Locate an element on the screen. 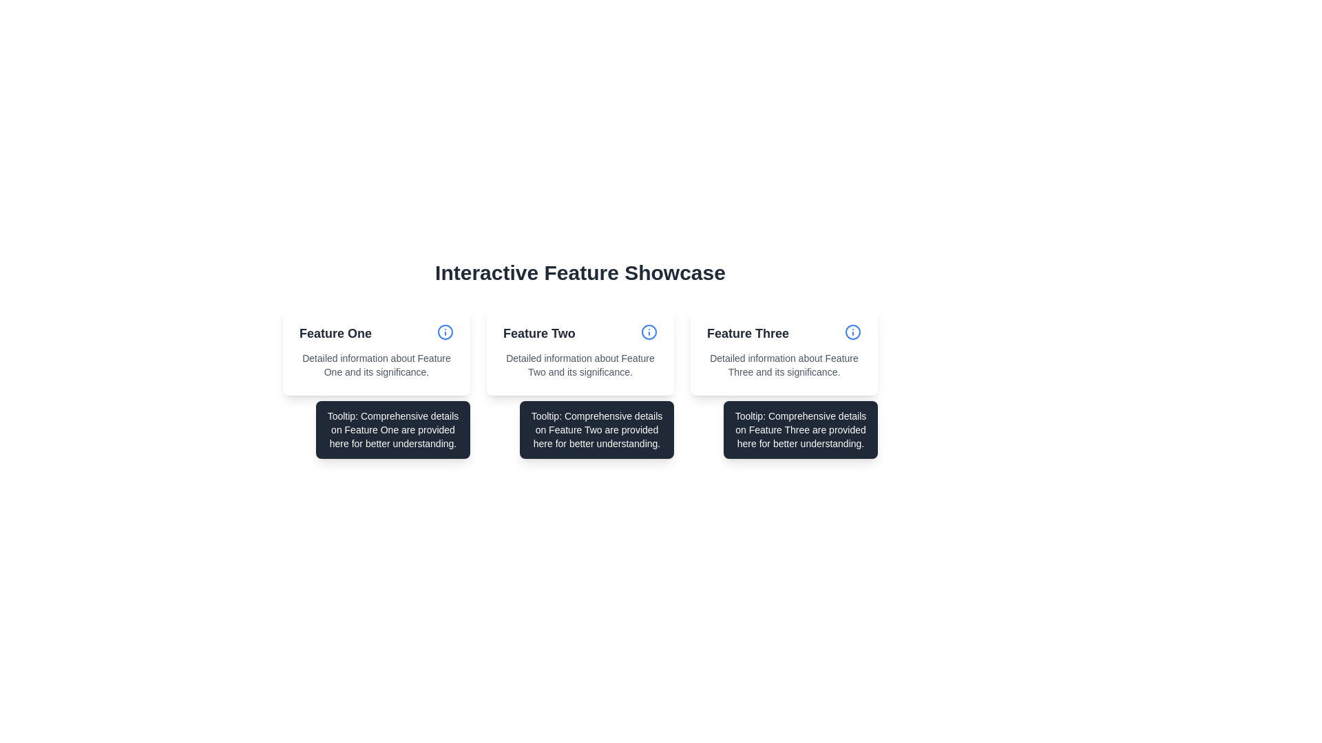  the information icon, which is a blue circular outline with a dot beneath its center, located to the right of the text 'Feature One' in the first column of three sections is located at coordinates (445, 334).